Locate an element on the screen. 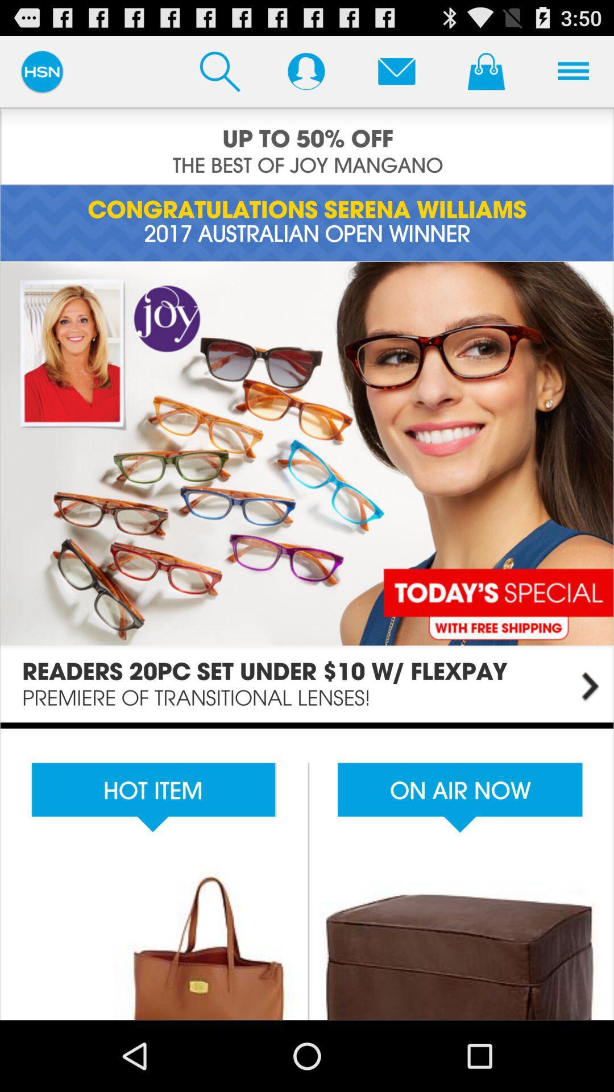 The width and height of the screenshot is (614, 1092). open main site is located at coordinates (307, 491).